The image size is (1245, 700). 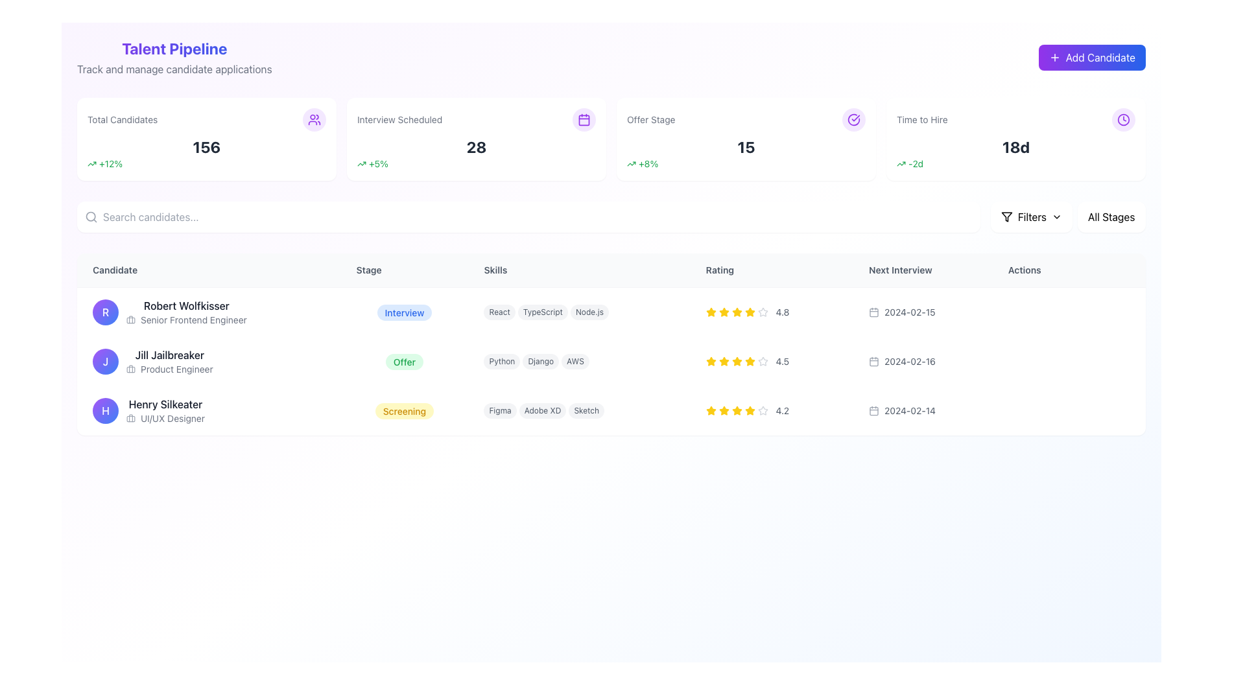 I want to click on bold text label '18d' located in the top-right section of the interface under the 'Time to Hire' title, so click(x=1015, y=146).